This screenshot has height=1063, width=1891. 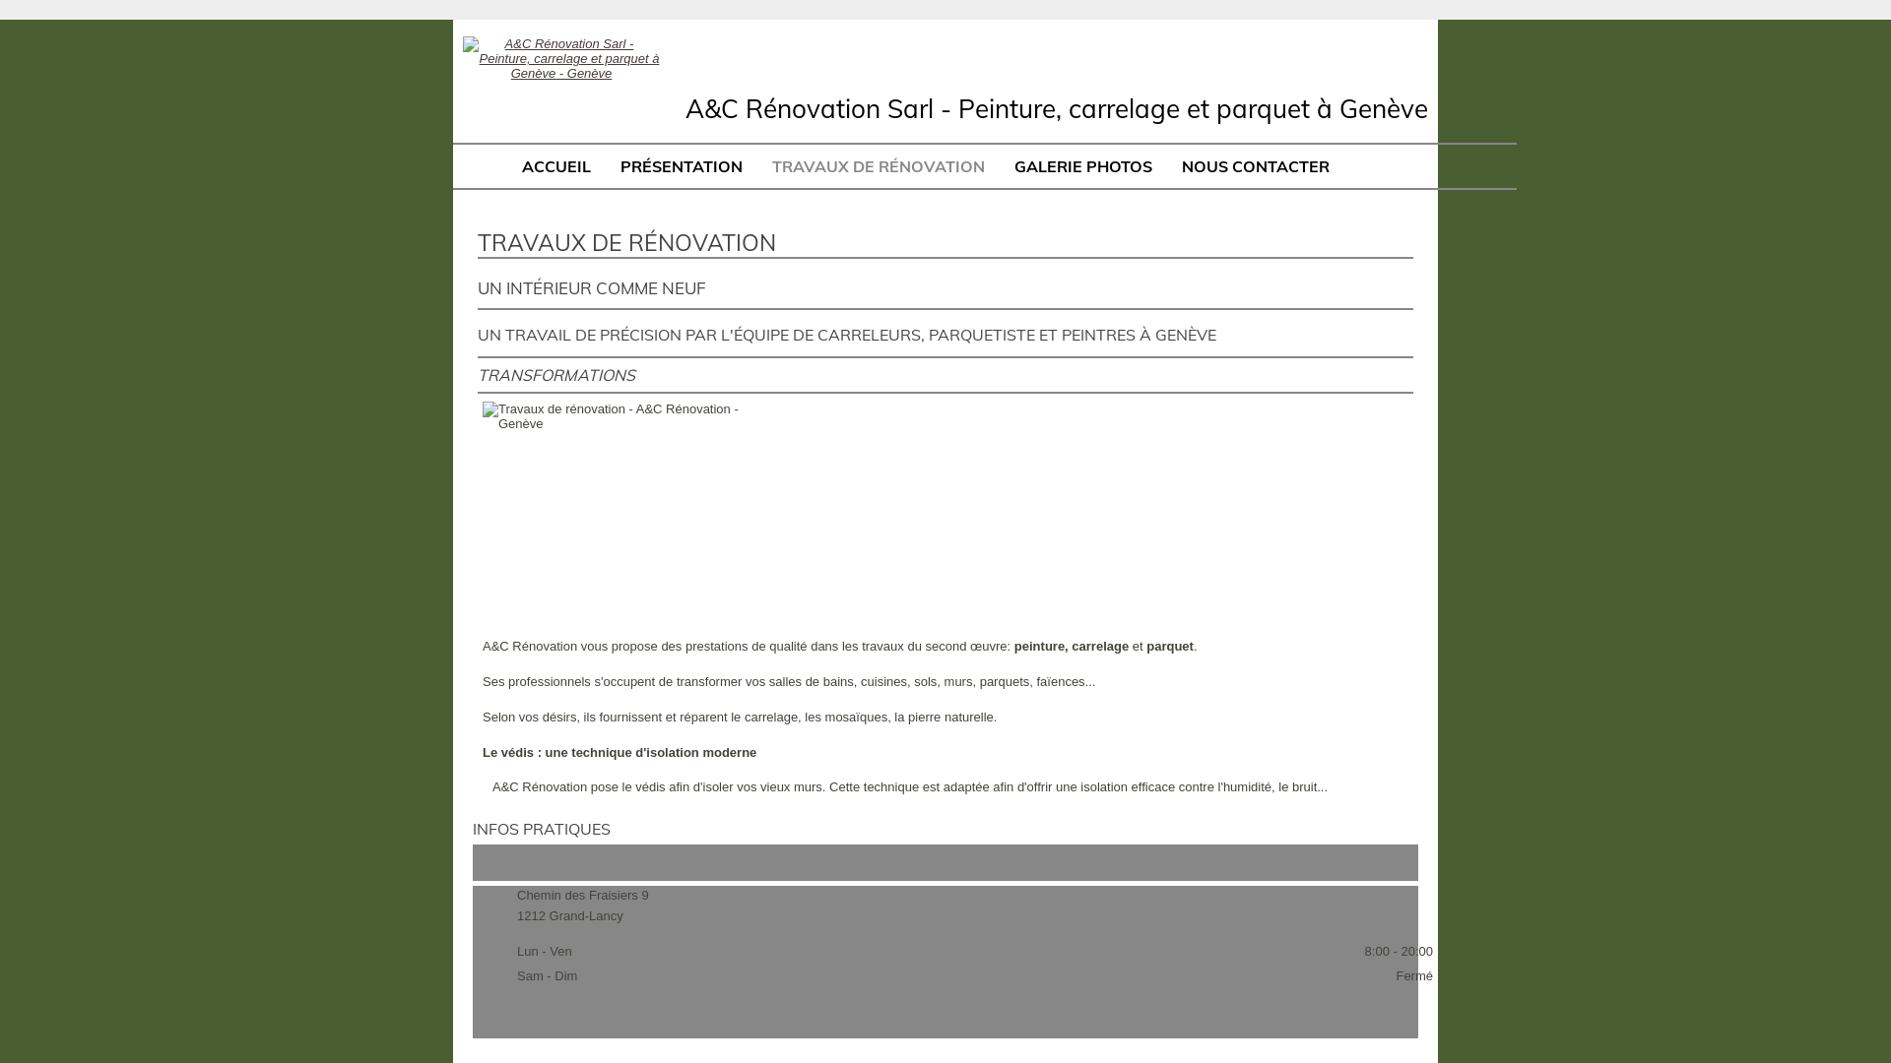 What do you see at coordinates (1255, 165) in the screenshot?
I see `'NOUS CONTACTER'` at bounding box center [1255, 165].